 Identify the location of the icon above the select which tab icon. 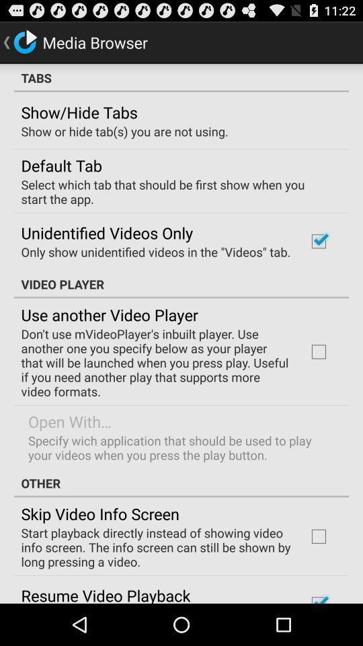
(61, 164).